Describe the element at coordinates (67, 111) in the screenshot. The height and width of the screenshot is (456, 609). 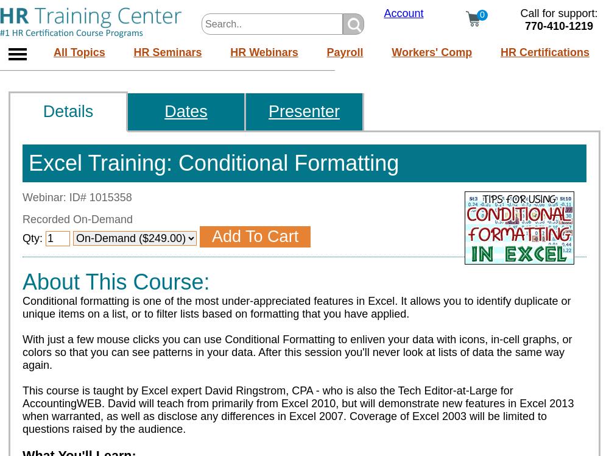
I see `'Details'` at that location.